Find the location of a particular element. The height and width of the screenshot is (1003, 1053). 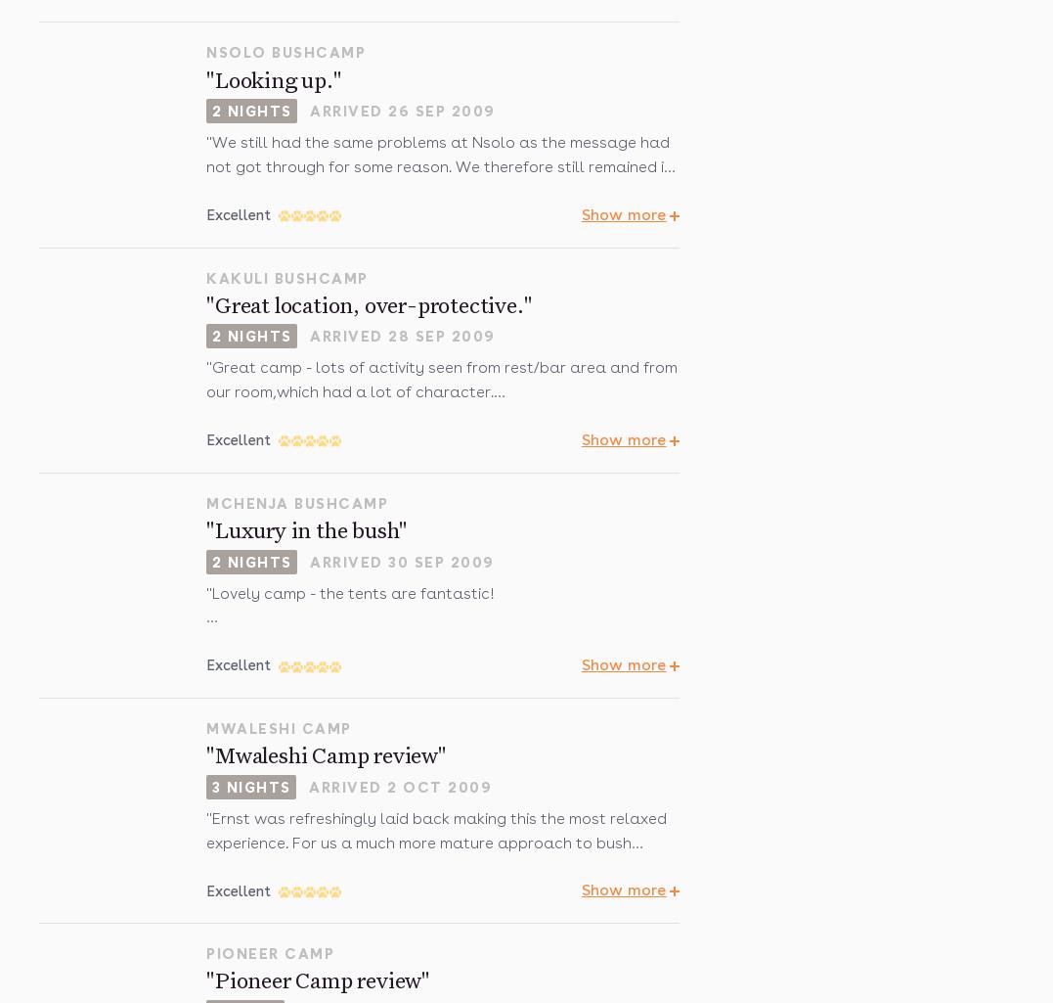

'"Pioneer Camp review"' is located at coordinates (318, 980).